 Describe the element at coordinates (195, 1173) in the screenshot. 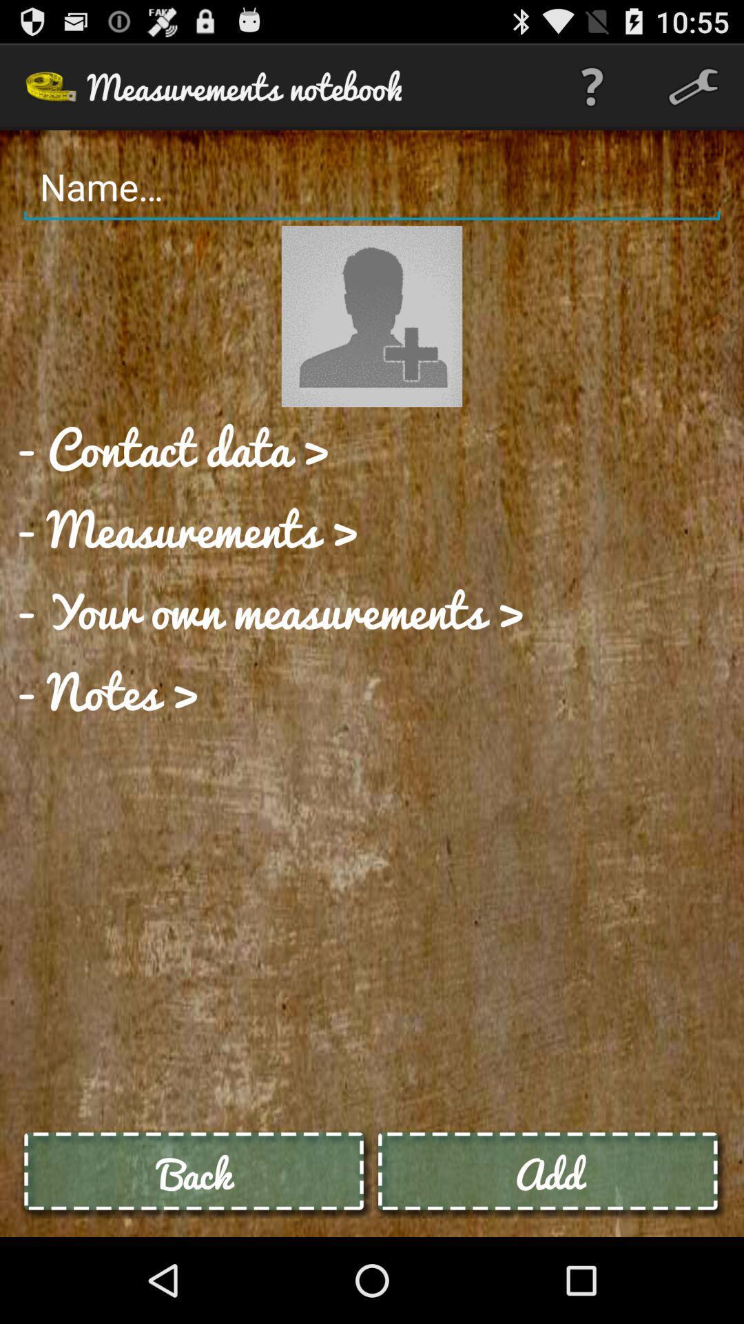

I see `the icon at the bottom left corner` at that location.